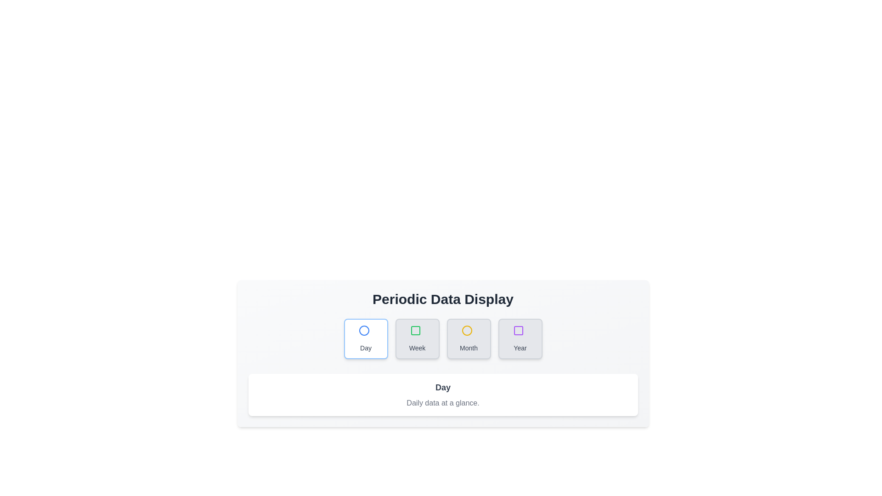  Describe the element at coordinates (469, 338) in the screenshot. I see `the 'Month' view button` at that location.